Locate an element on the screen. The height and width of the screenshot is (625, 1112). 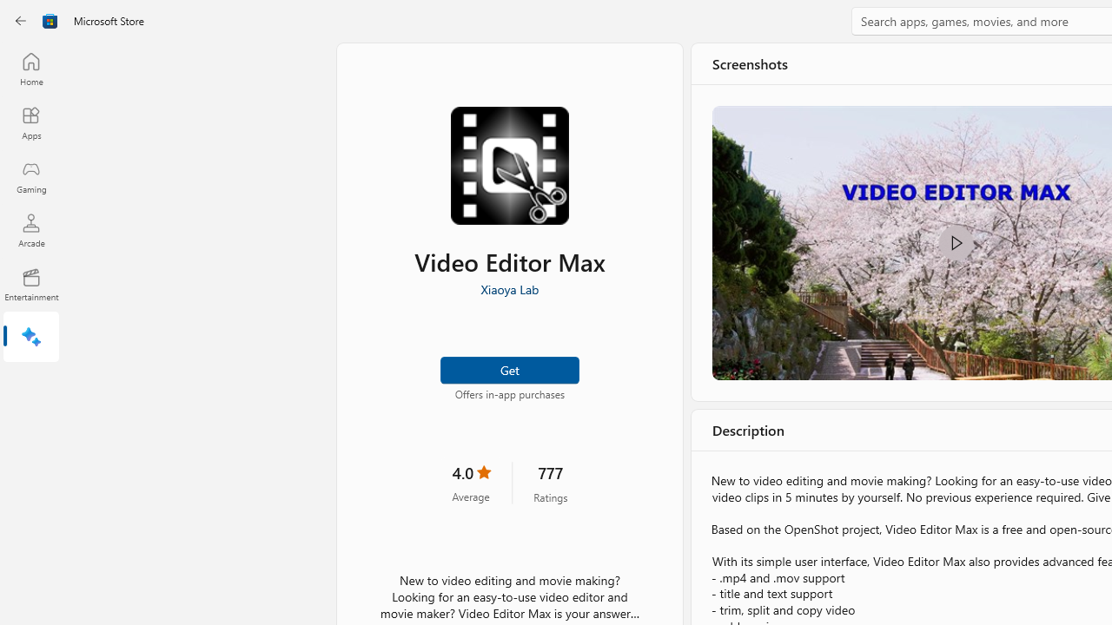
'Entertainment' is located at coordinates (30, 283).